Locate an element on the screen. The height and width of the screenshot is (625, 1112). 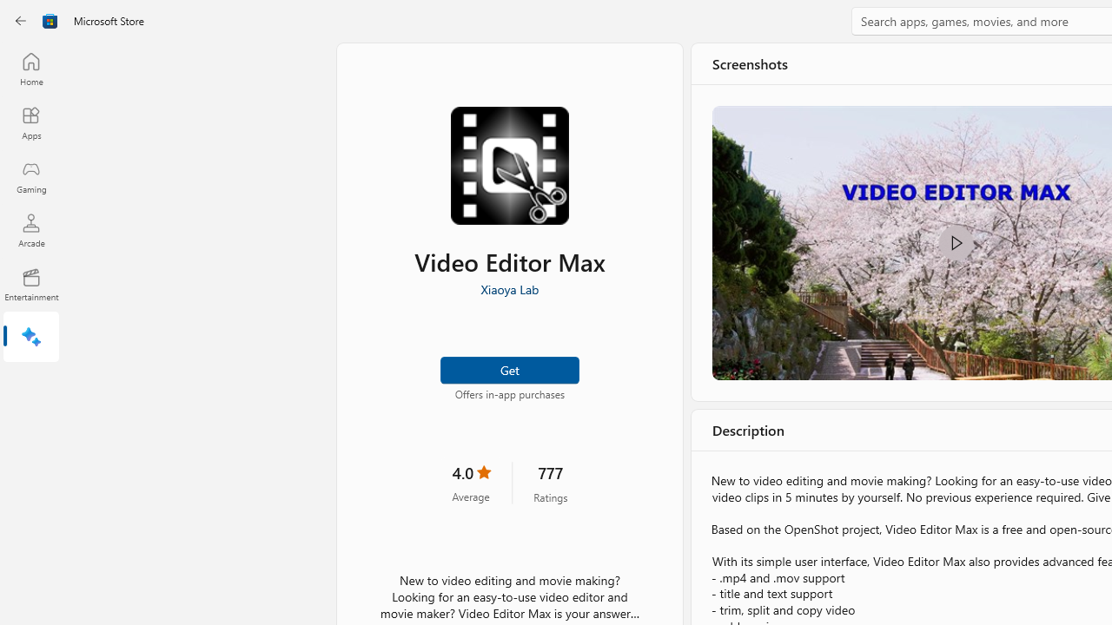
'Entertainment' is located at coordinates (30, 283).